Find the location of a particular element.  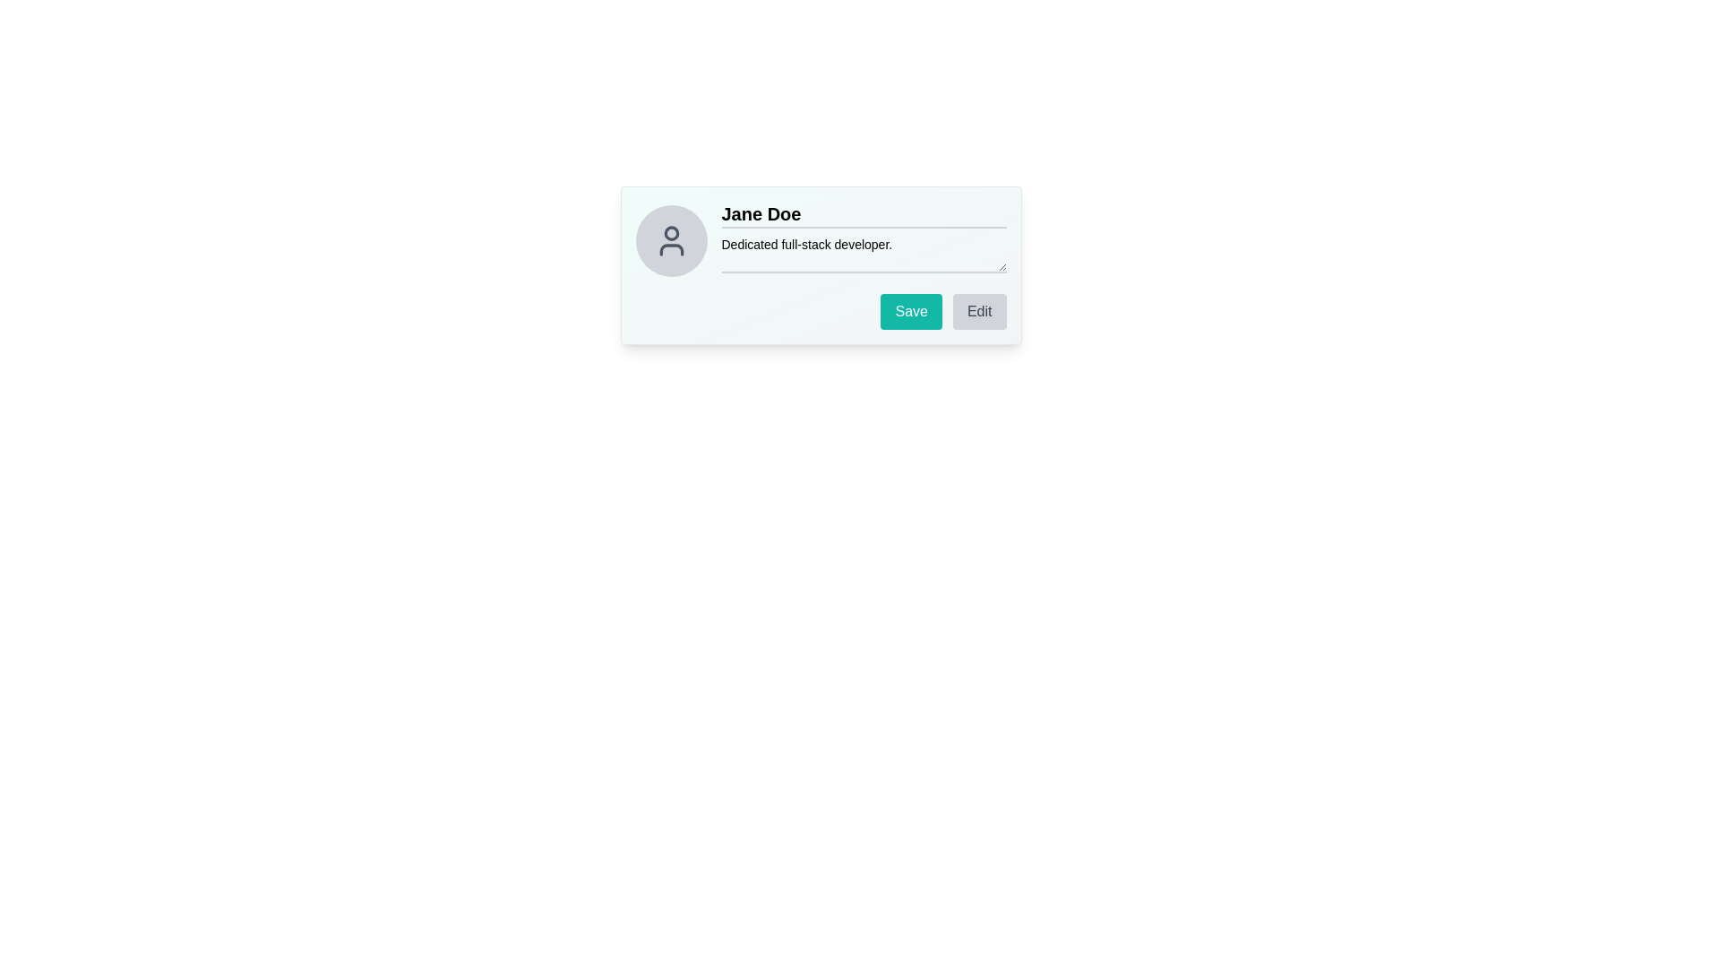

the decorative circular graphic element that represents the head of the user icon, positioned at the top-center of the profile image is located at coordinates (670, 232).